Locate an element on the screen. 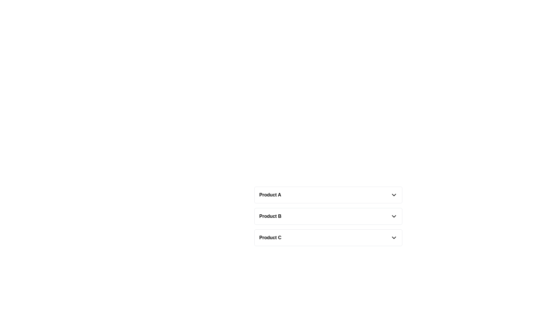 This screenshot has width=555, height=312. the 'Product B' list item is located at coordinates (328, 216).